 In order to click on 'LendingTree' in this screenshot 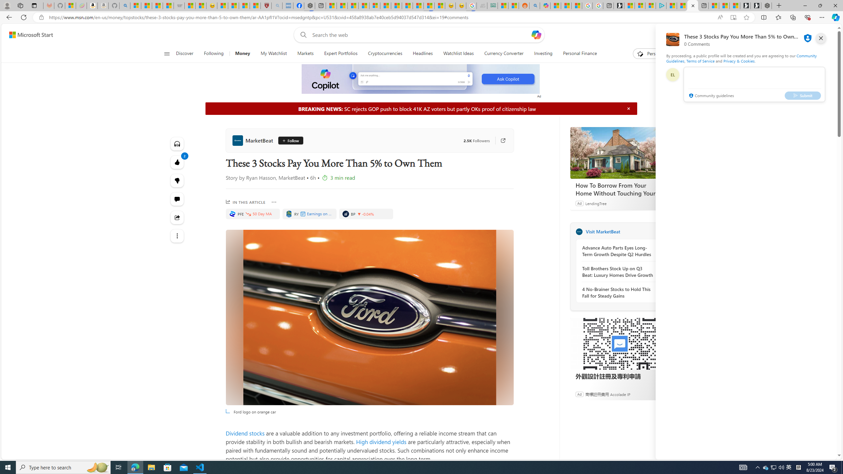, I will do `click(596, 203)`.